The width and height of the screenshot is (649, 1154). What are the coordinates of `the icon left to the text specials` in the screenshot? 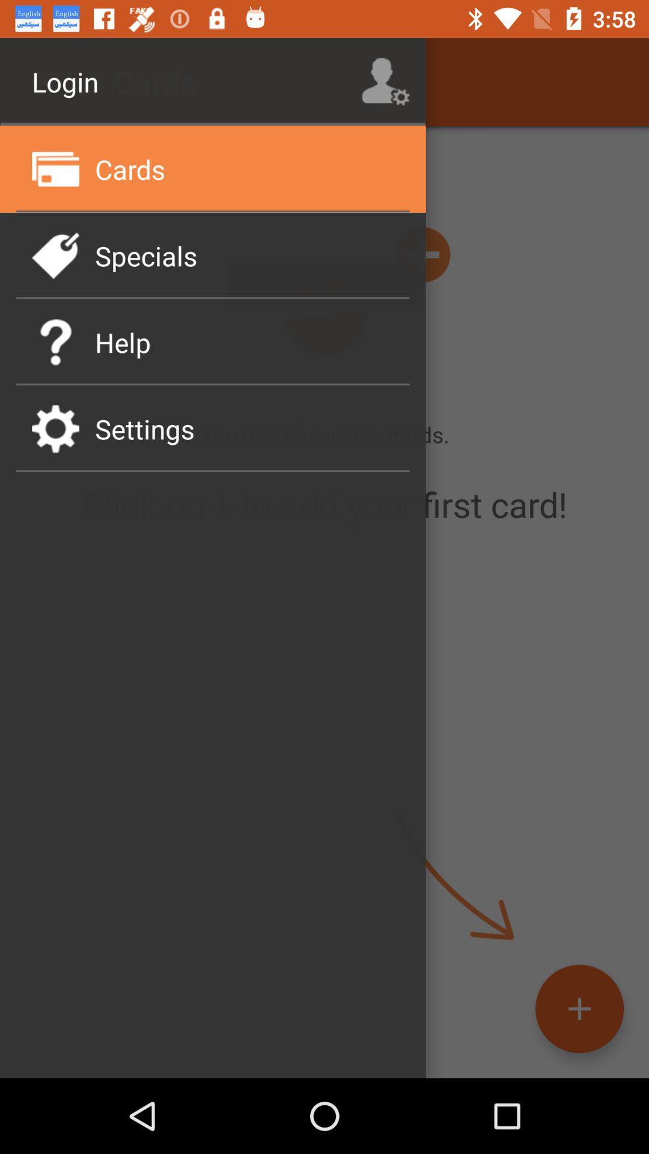 It's located at (55, 255).